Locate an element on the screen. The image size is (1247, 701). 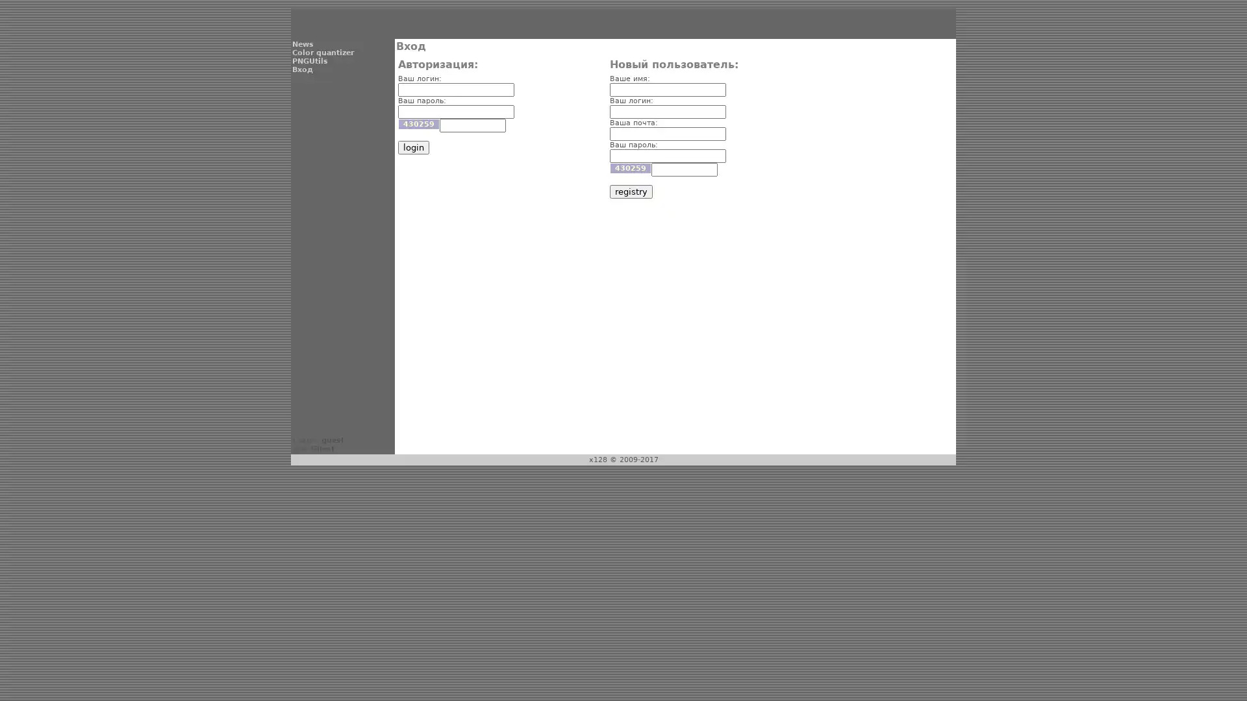
registry is located at coordinates (630, 191).